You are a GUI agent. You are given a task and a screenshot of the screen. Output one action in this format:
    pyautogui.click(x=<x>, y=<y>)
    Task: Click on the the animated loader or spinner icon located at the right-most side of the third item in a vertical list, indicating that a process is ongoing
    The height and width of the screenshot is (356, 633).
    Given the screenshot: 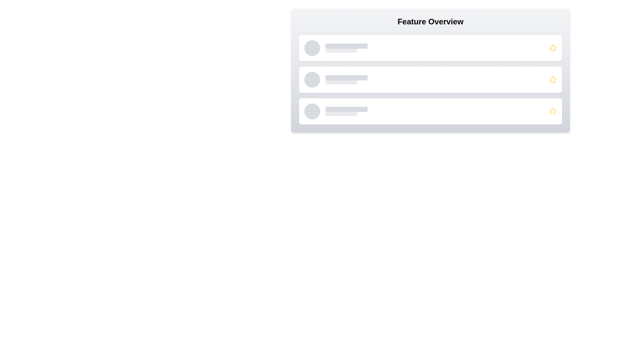 What is the action you would take?
    pyautogui.click(x=553, y=79)
    